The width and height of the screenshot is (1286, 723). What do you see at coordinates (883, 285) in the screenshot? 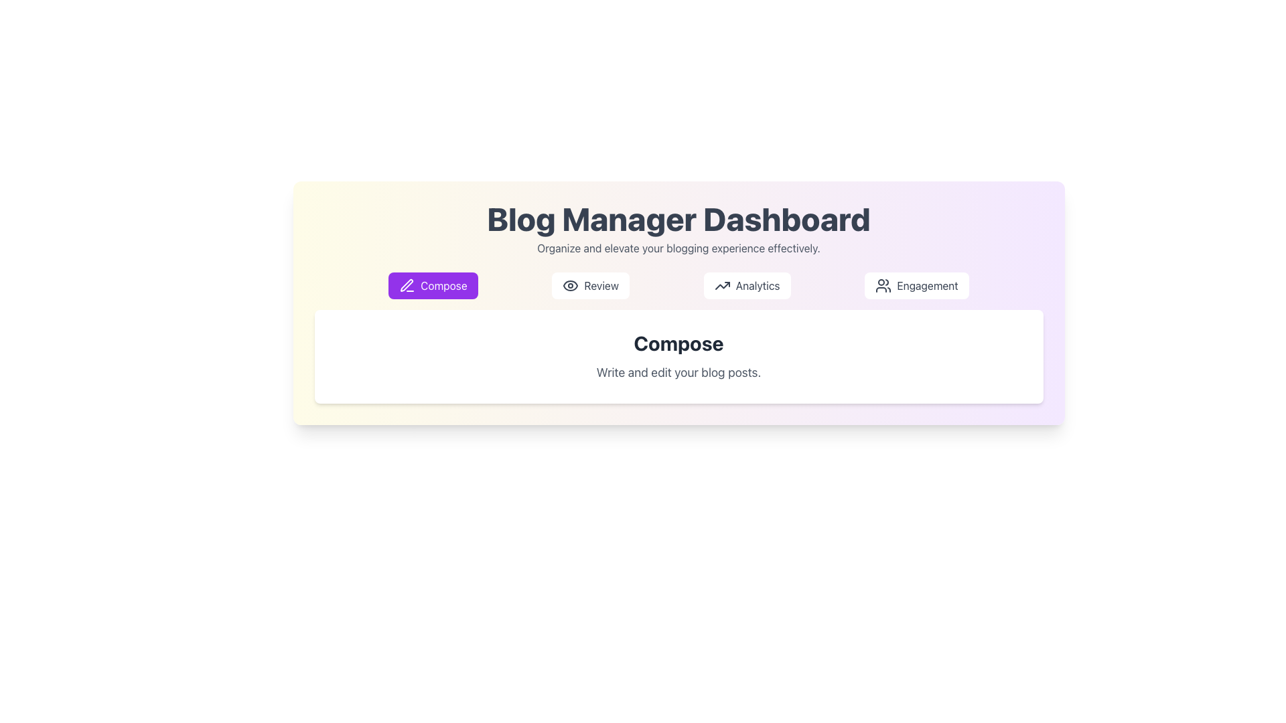
I see `the 'Engagement' button which contains the engagement icon, located at the far-right of the button row` at bounding box center [883, 285].